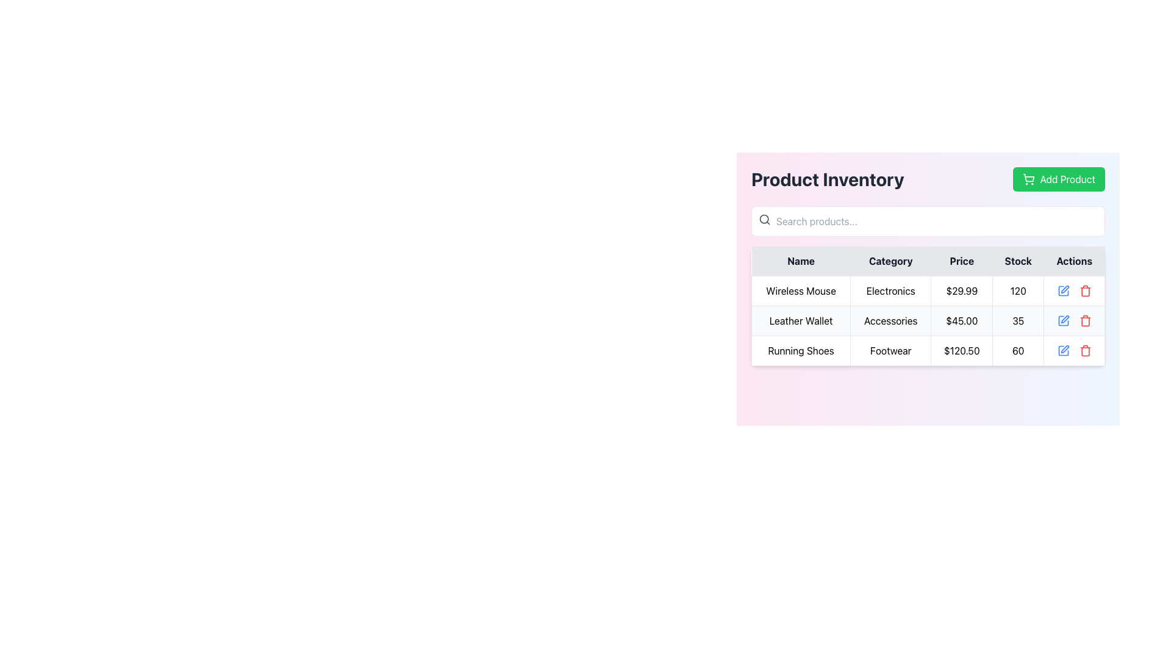  I want to click on the non-interactive text label that represents the category classification of the 'Wireless Mouse' product in the 'Product Inventory' interface, specifically located in the second cell of the 'Category' column, so click(890, 291).